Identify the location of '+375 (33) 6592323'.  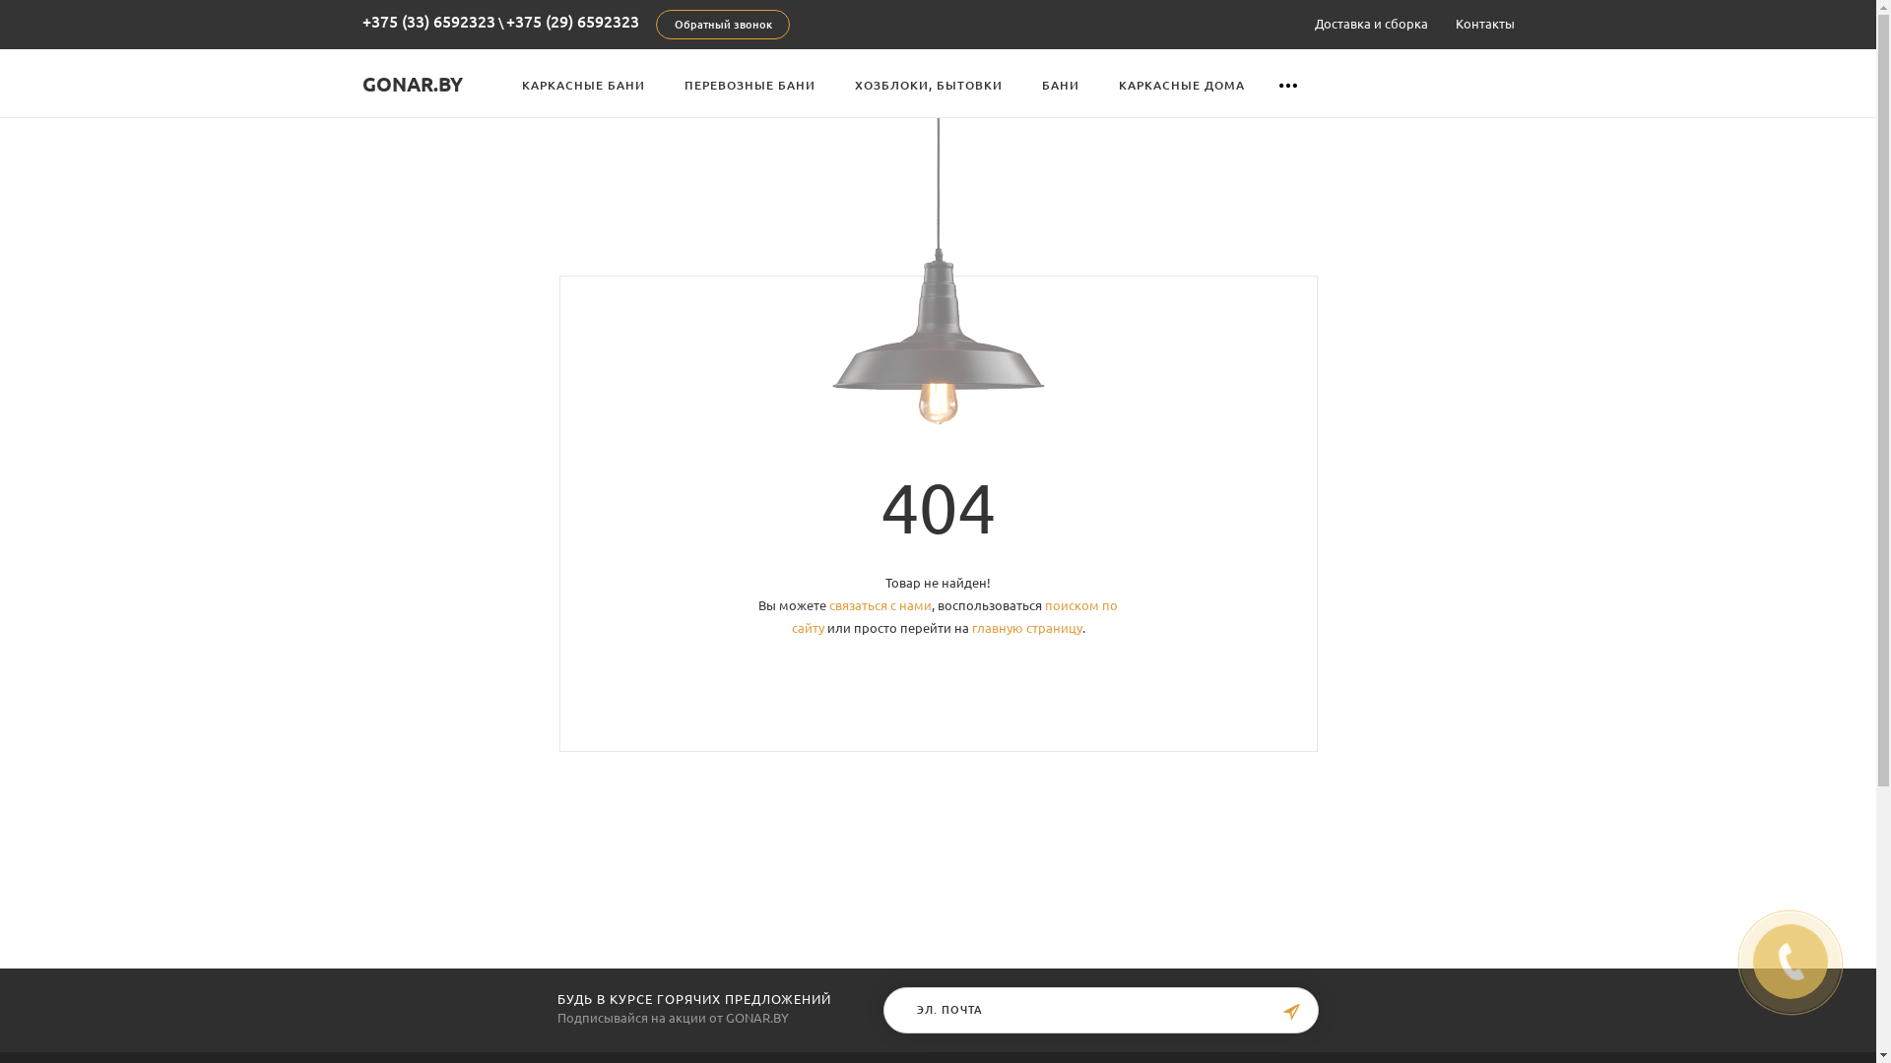
(362, 22).